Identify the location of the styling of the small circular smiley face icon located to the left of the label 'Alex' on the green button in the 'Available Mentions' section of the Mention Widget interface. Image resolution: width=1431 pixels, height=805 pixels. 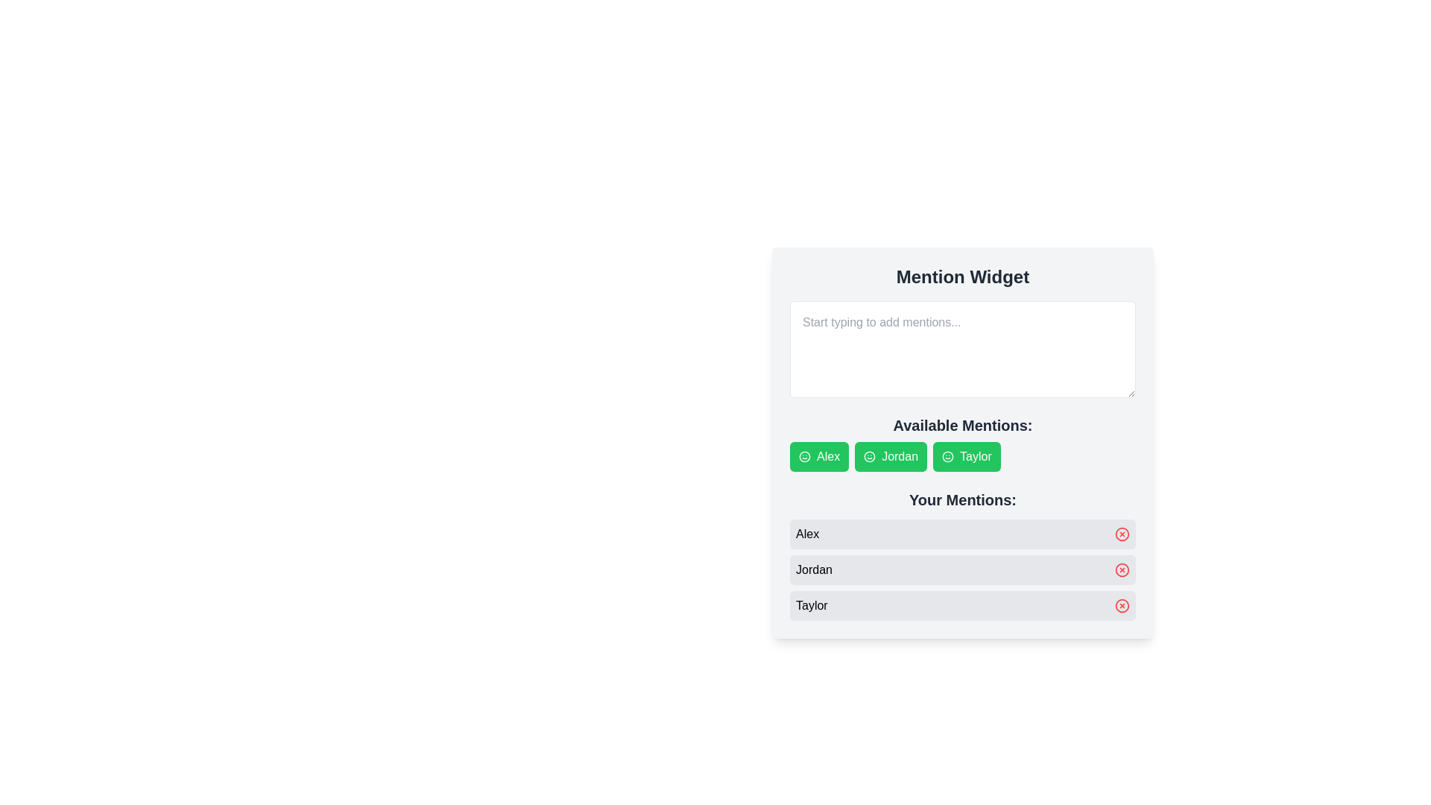
(804, 456).